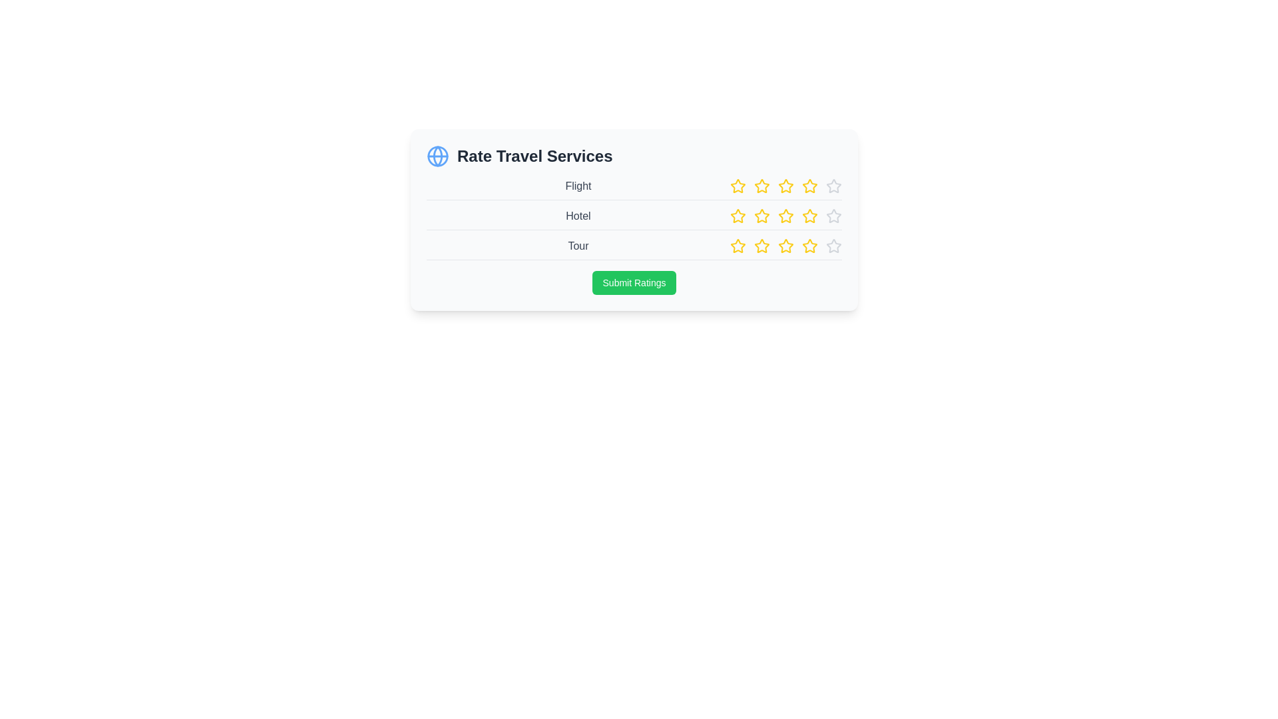 This screenshot has width=1278, height=719. What do you see at coordinates (785, 246) in the screenshot?
I see `the fourth star in the sequence of five yellow stars to rate the 'Tour' option with a four-star rating in the 'Rate Travel Services' interface` at bounding box center [785, 246].